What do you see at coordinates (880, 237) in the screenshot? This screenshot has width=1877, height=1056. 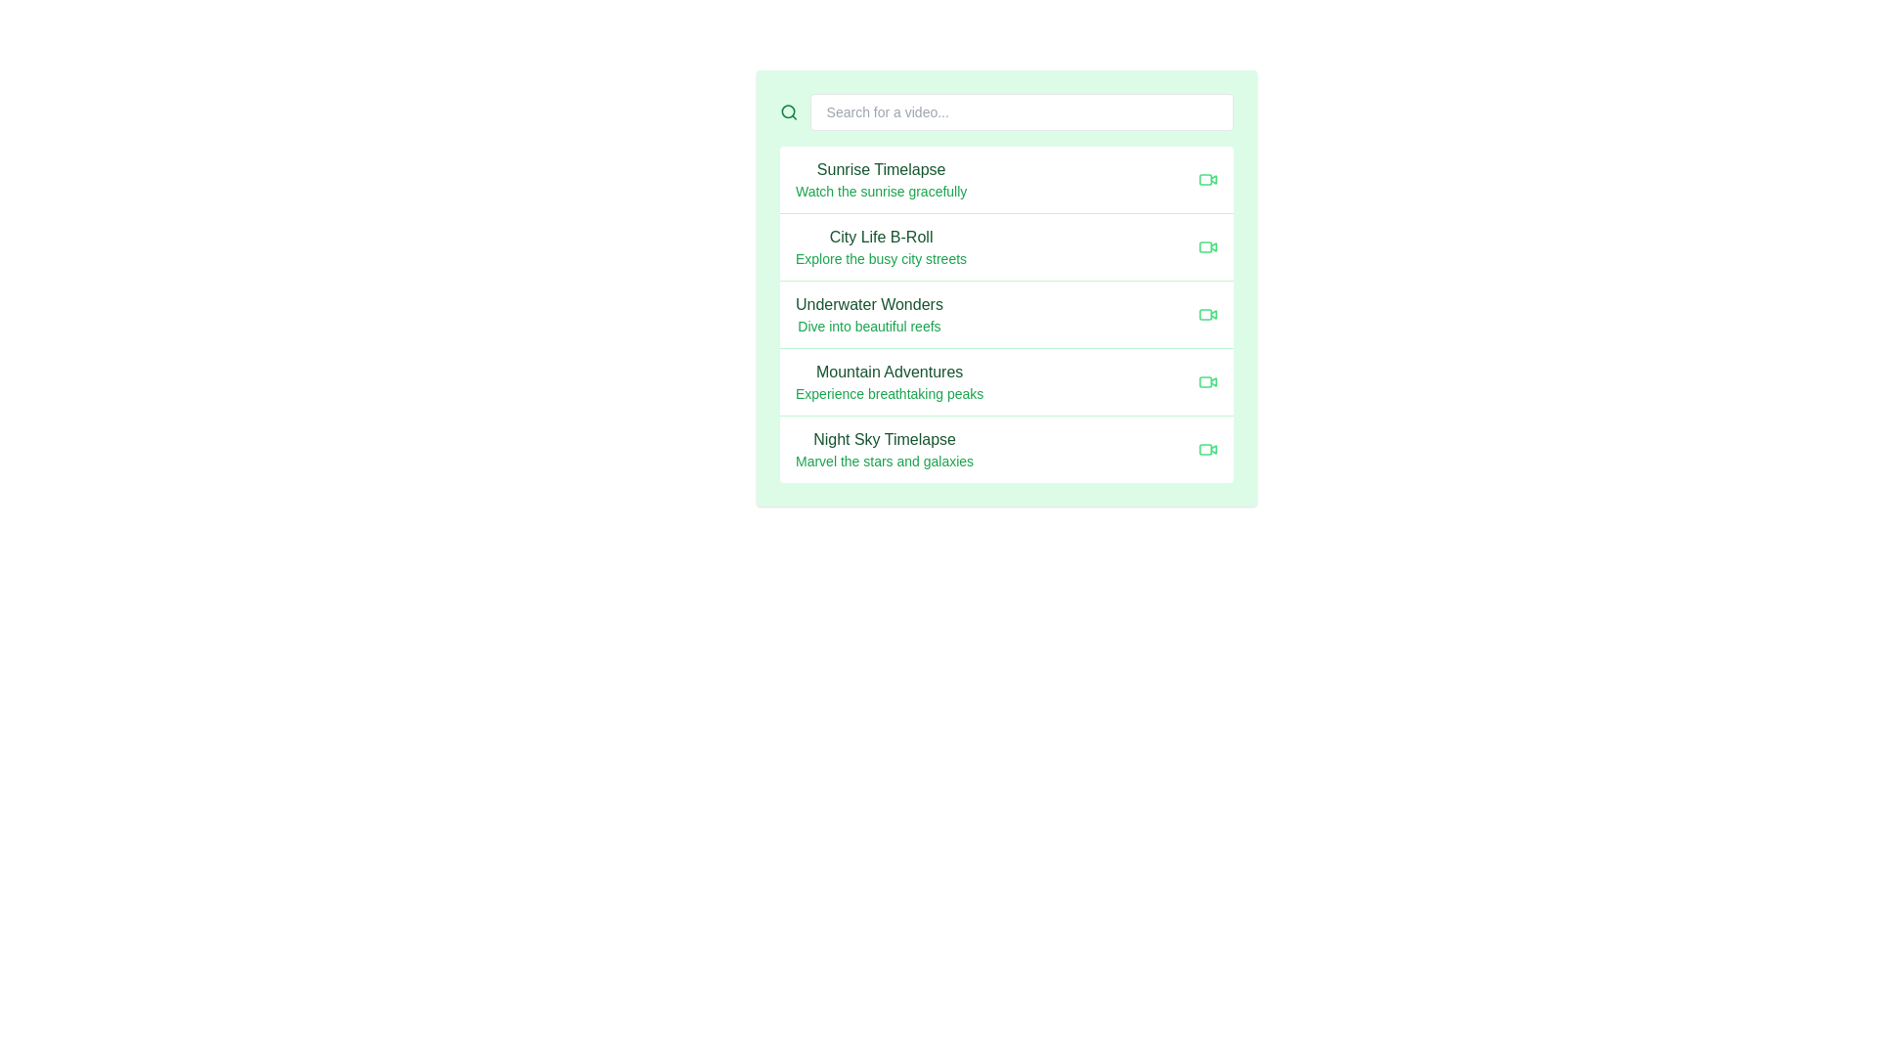 I see `the text label that displays 'City Life B-Roll', which is styled in green color and positioned above 'Explore the busy city streets'` at bounding box center [880, 237].